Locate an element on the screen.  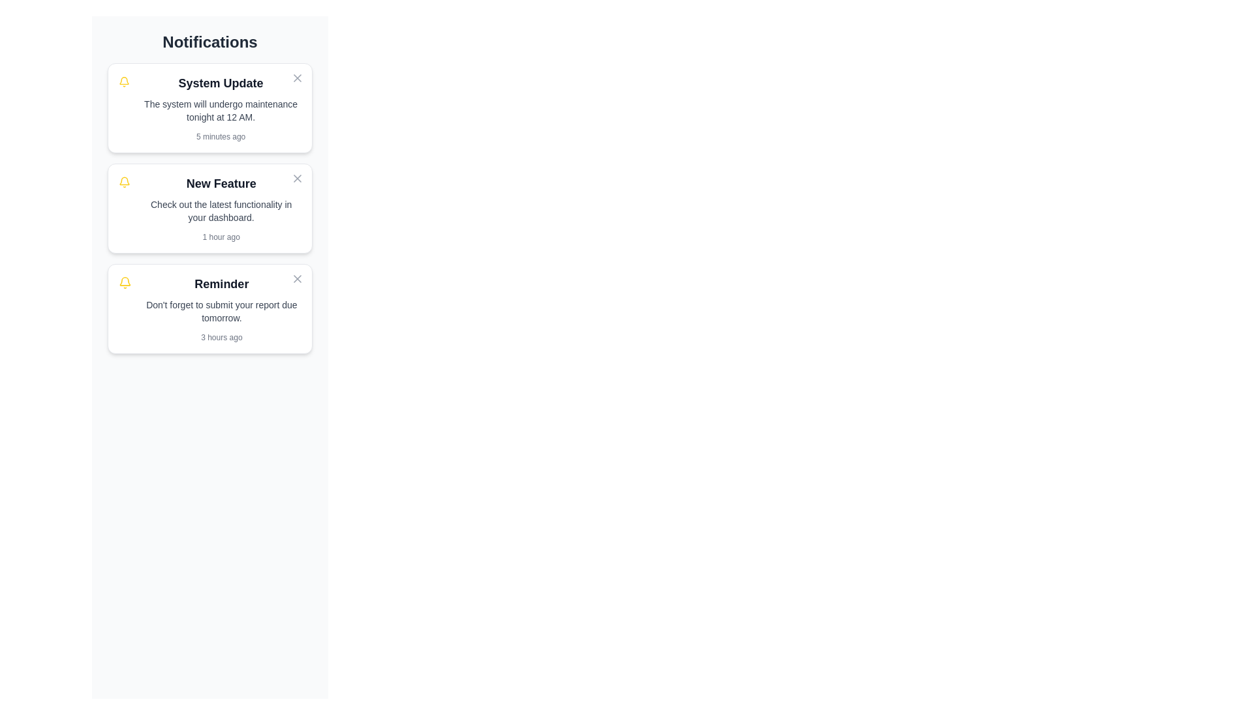
the text element that reads 'Check out the latest functionality in your dashboard.' which is styled in a small gray font and is centrally located in the middle notification card titled 'New Feature' is located at coordinates (221, 211).